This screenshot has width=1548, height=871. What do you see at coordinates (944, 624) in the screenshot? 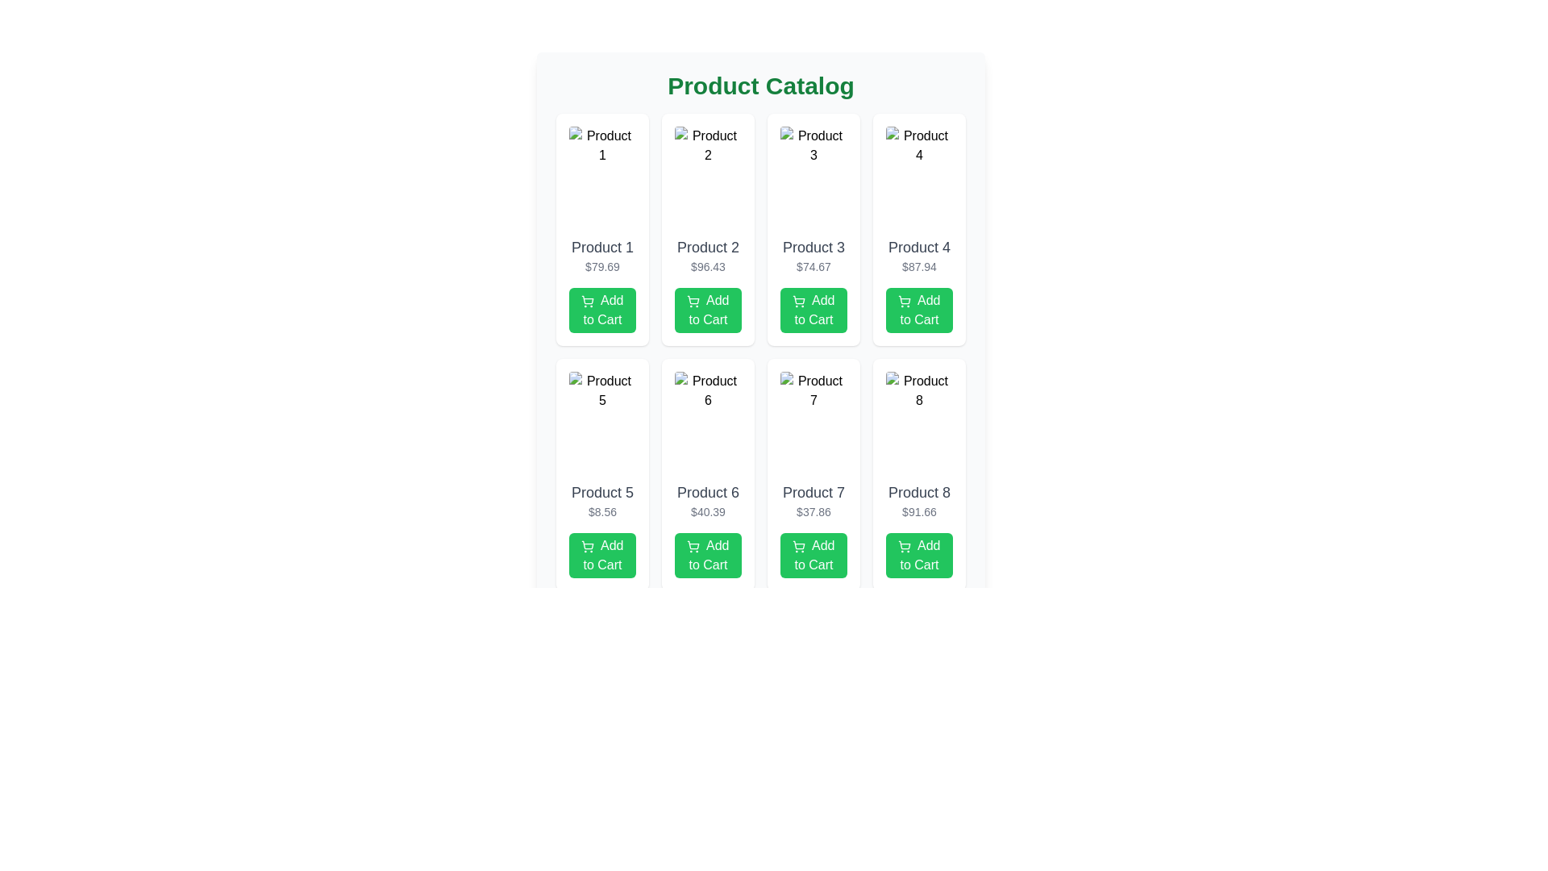
I see `the 'next' button in the pagination control located at the bottom-right of the interface` at bounding box center [944, 624].